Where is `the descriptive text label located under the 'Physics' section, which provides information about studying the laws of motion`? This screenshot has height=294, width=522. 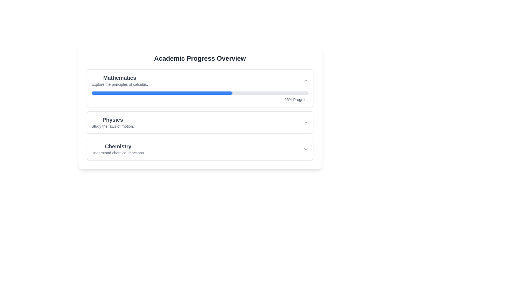
the descriptive text label located under the 'Physics' section, which provides information about studying the laws of motion is located at coordinates (112, 126).